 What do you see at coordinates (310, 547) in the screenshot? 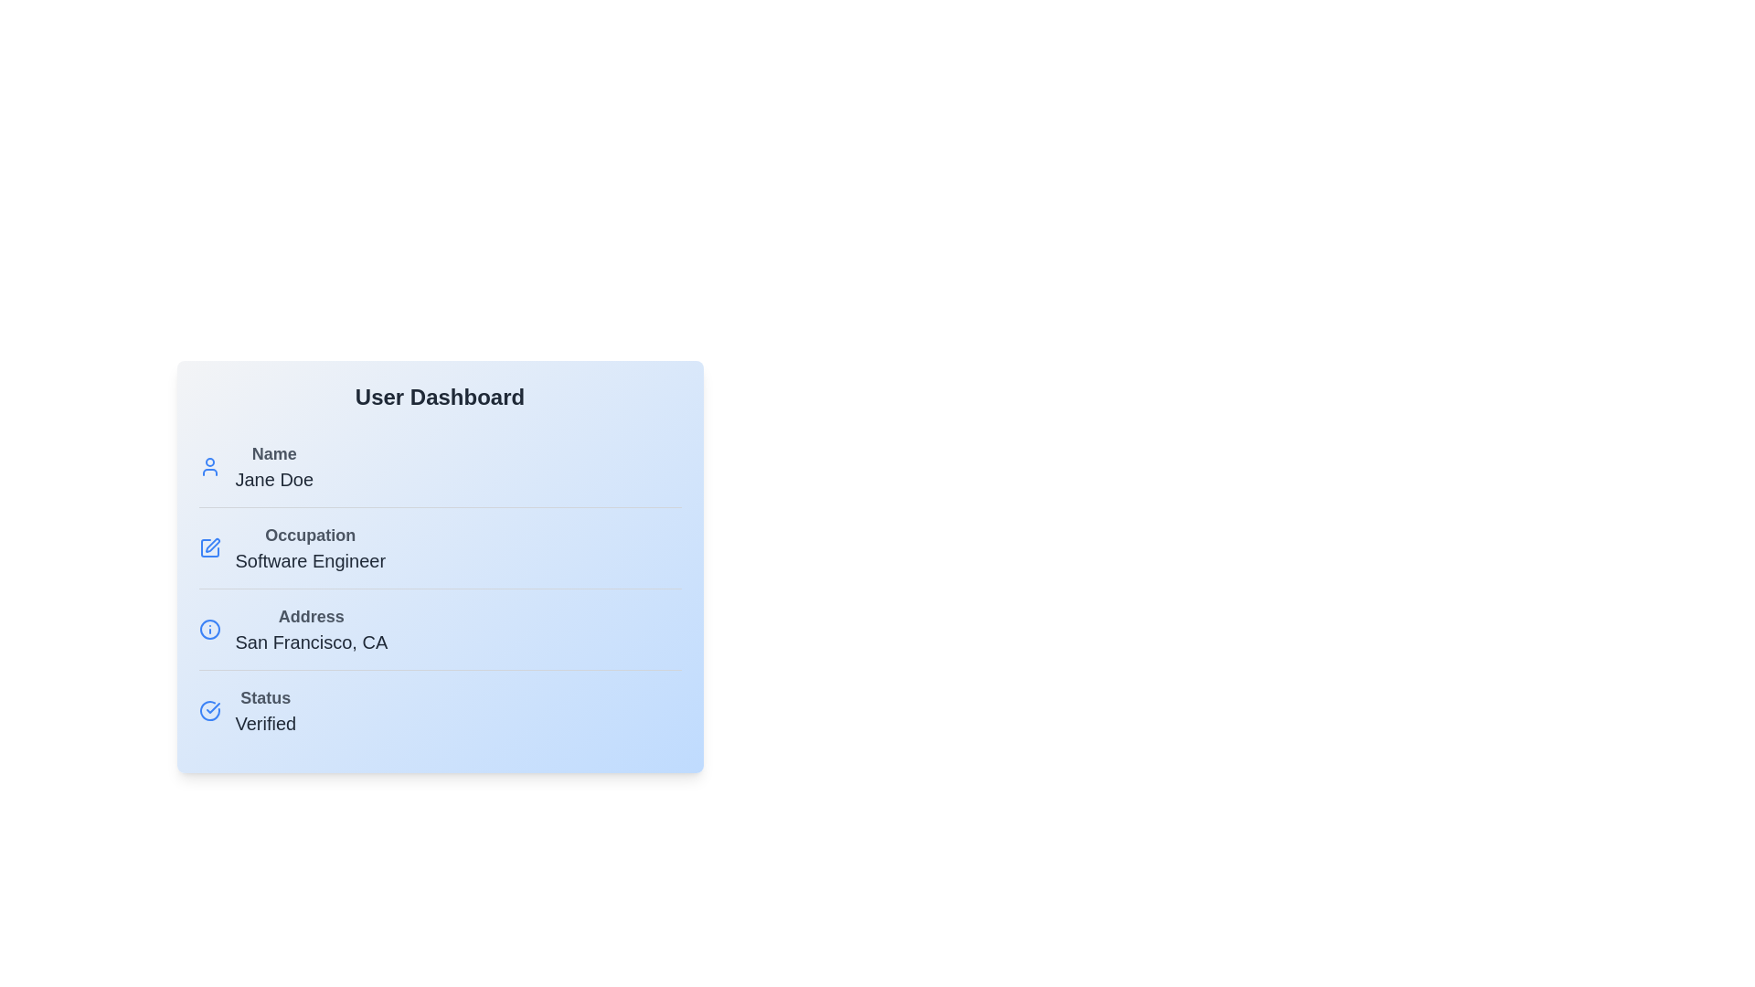
I see `text content of the 'Occupation' display element which shows 'Software Engineer' below the bold header 'Occupation'` at bounding box center [310, 547].